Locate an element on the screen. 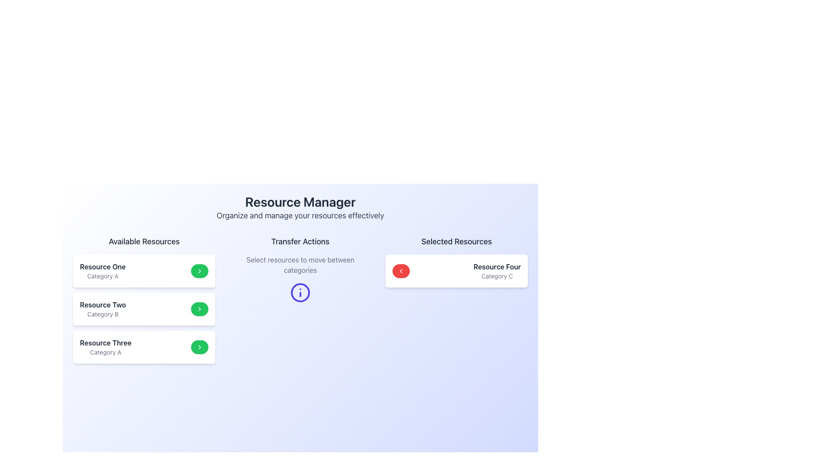 This screenshot has height=467, width=830. the header text label that indicates the classification or group for other components, positioned above the 'Resource Four' entry is located at coordinates (456, 242).